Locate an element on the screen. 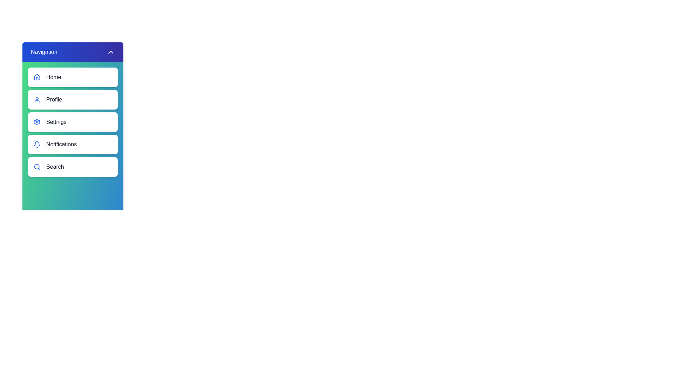 This screenshot has width=673, height=378. the upward-pointing chevron icon button located at the top right corner of the navigation header, adjacent to the text label 'Navigation' is located at coordinates (110, 52).